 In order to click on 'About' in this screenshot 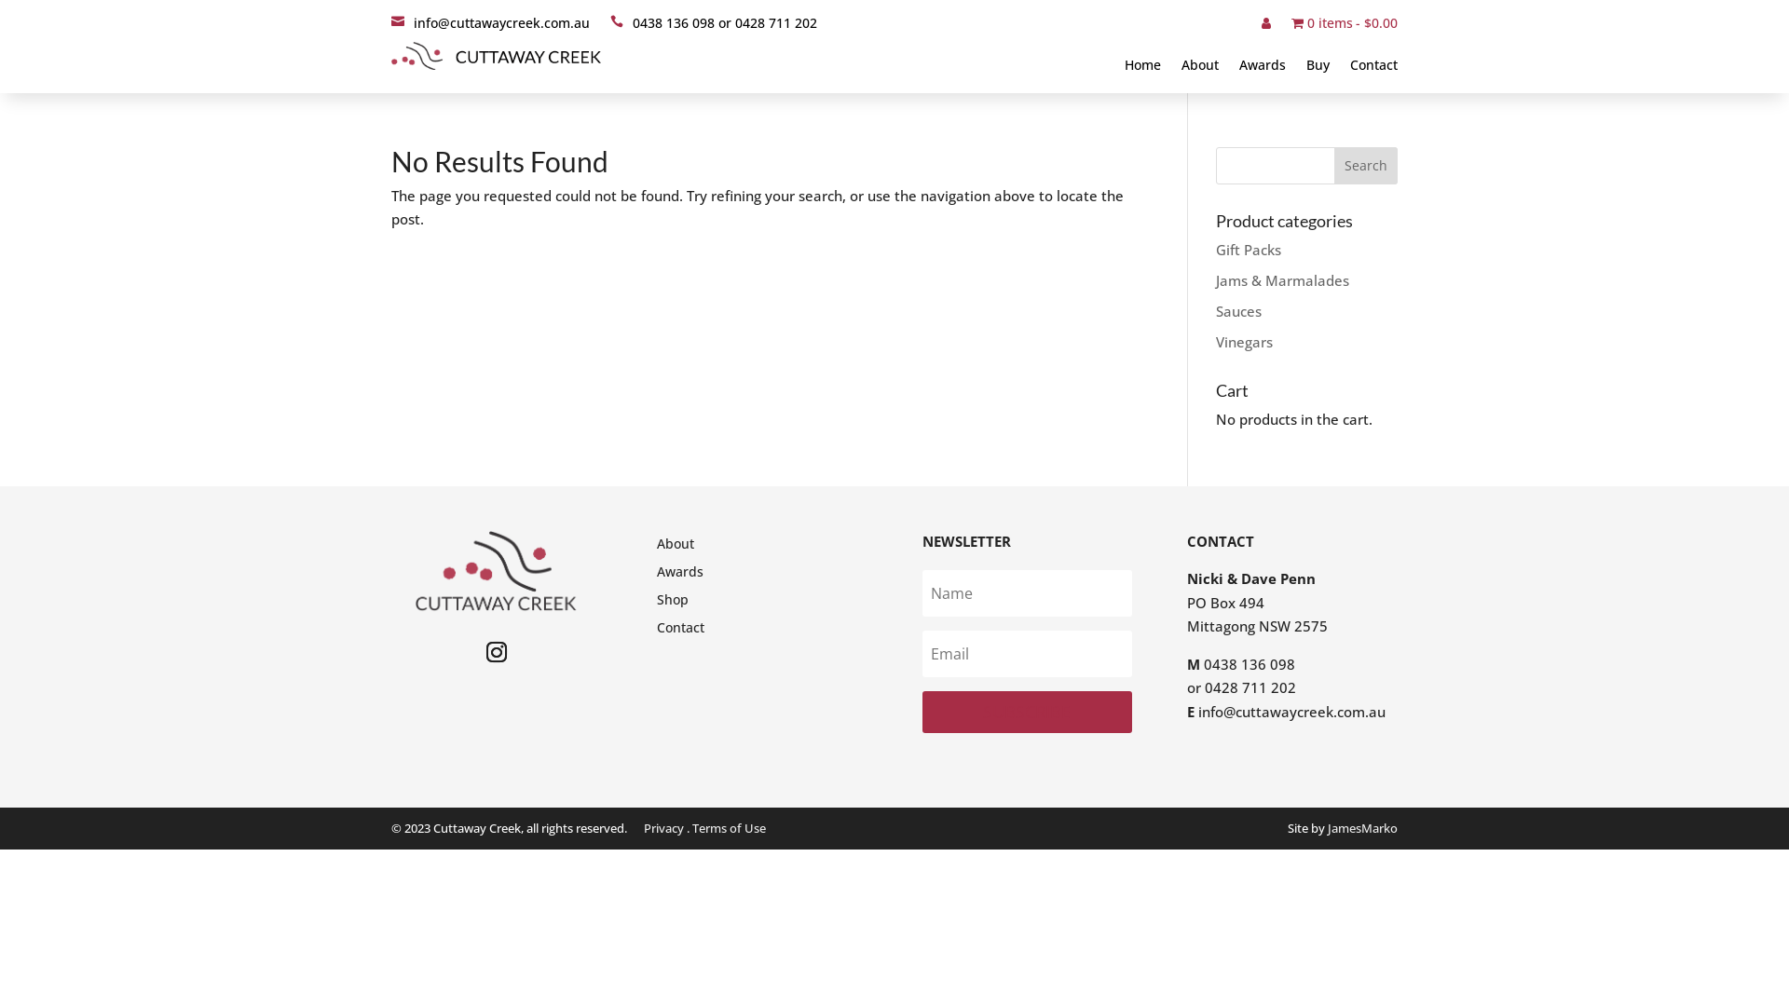, I will do `click(1180, 67)`.